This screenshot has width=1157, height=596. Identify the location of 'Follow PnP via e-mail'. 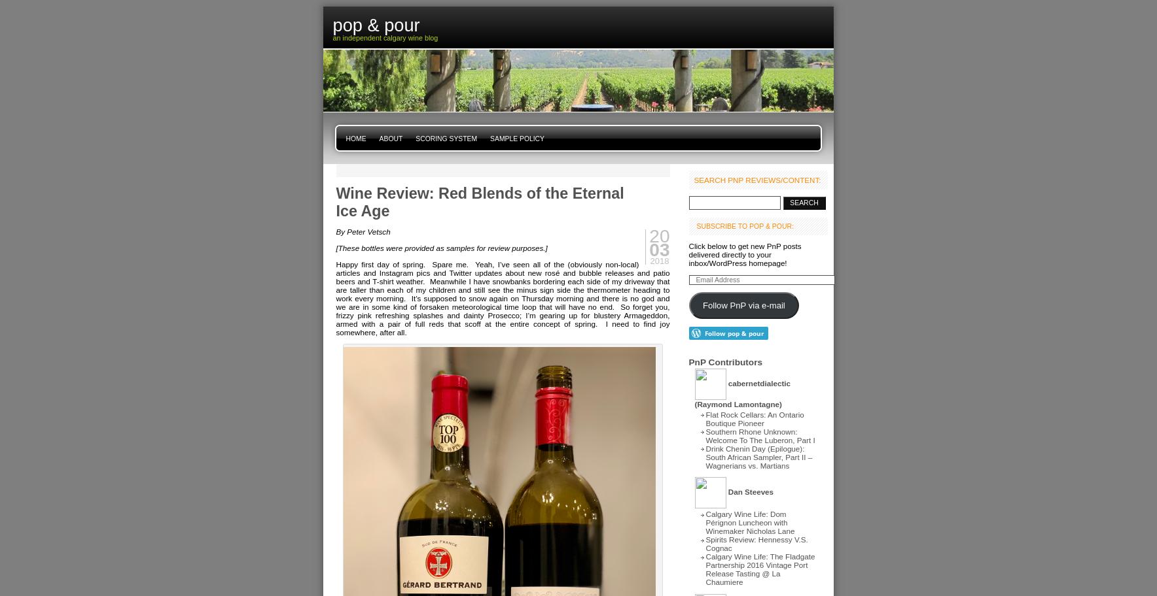
(701, 305).